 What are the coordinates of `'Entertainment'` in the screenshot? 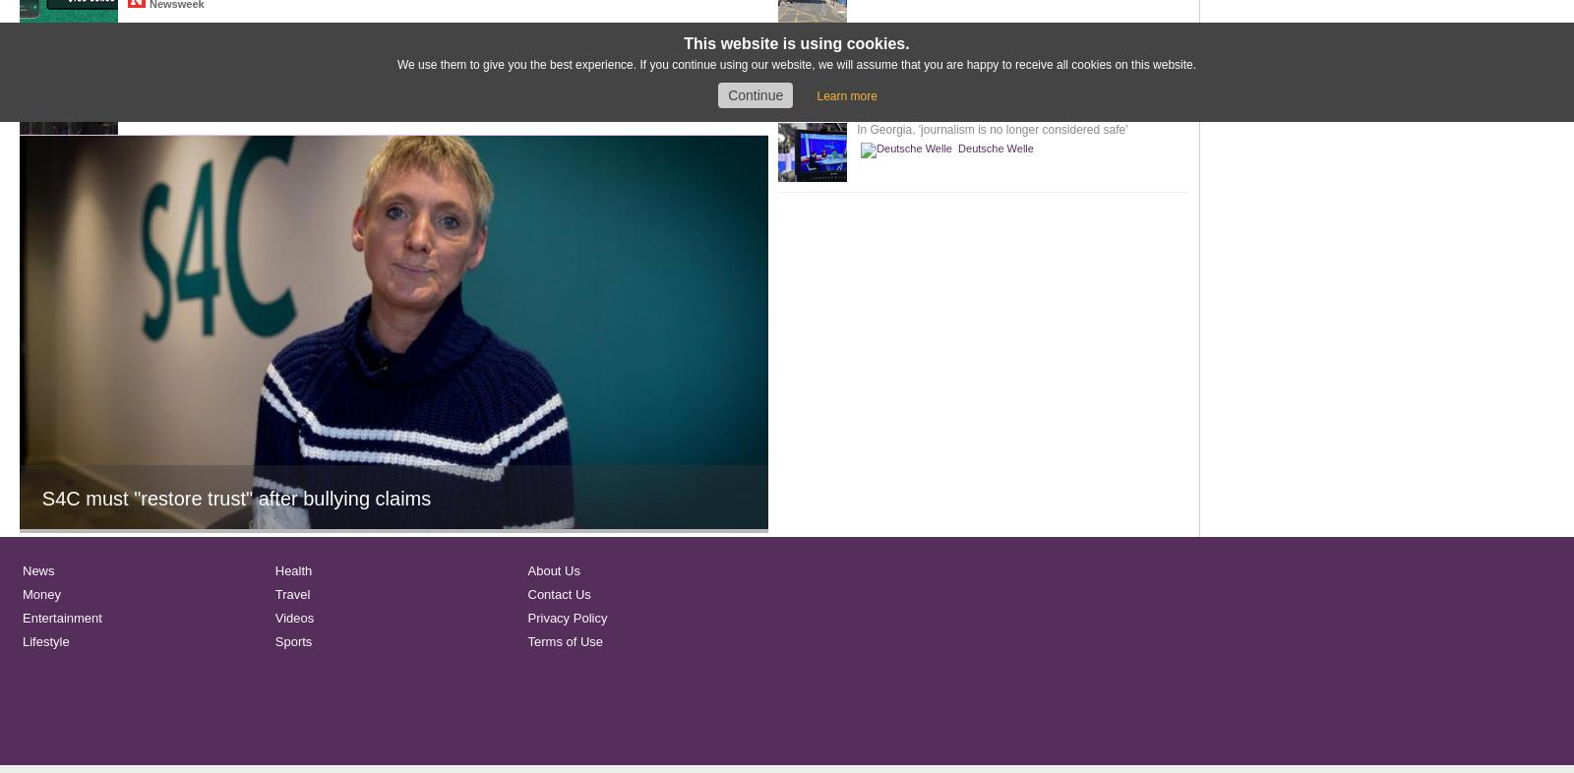 It's located at (61, 618).